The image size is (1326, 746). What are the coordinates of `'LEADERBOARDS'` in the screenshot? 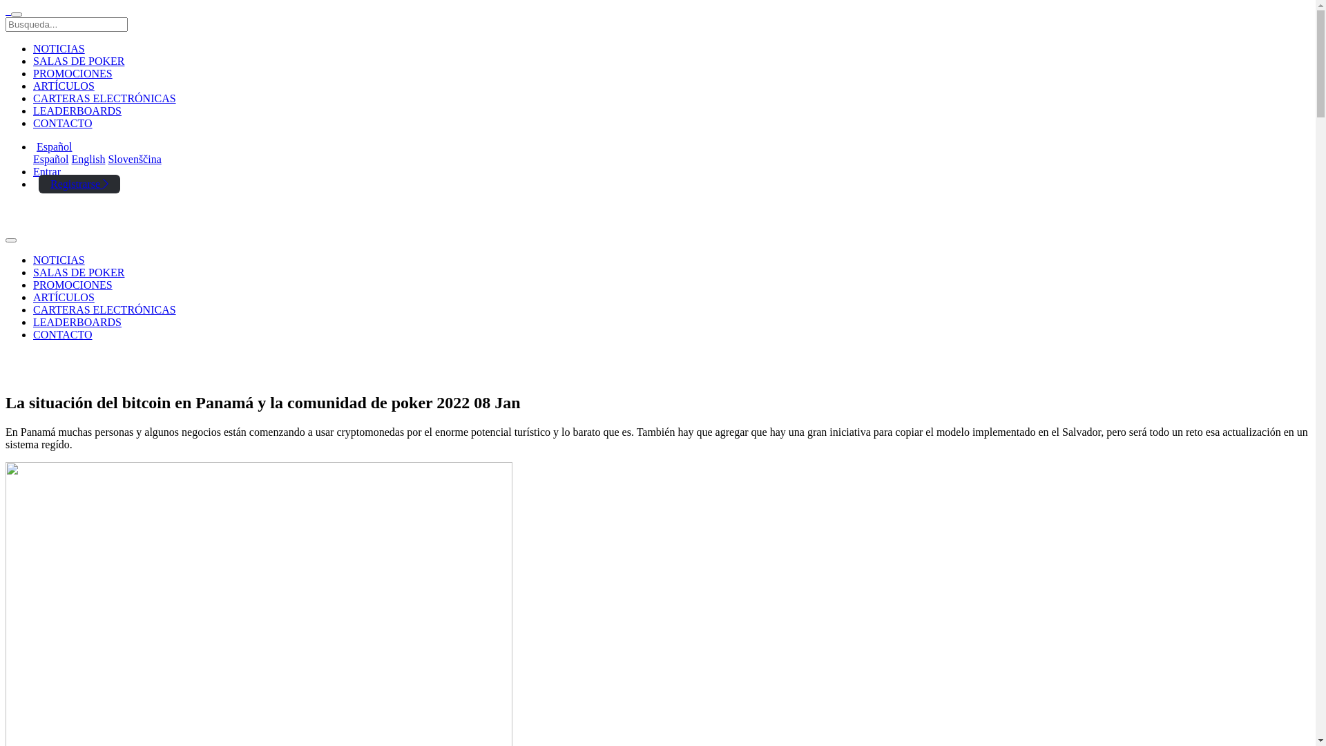 It's located at (76, 322).